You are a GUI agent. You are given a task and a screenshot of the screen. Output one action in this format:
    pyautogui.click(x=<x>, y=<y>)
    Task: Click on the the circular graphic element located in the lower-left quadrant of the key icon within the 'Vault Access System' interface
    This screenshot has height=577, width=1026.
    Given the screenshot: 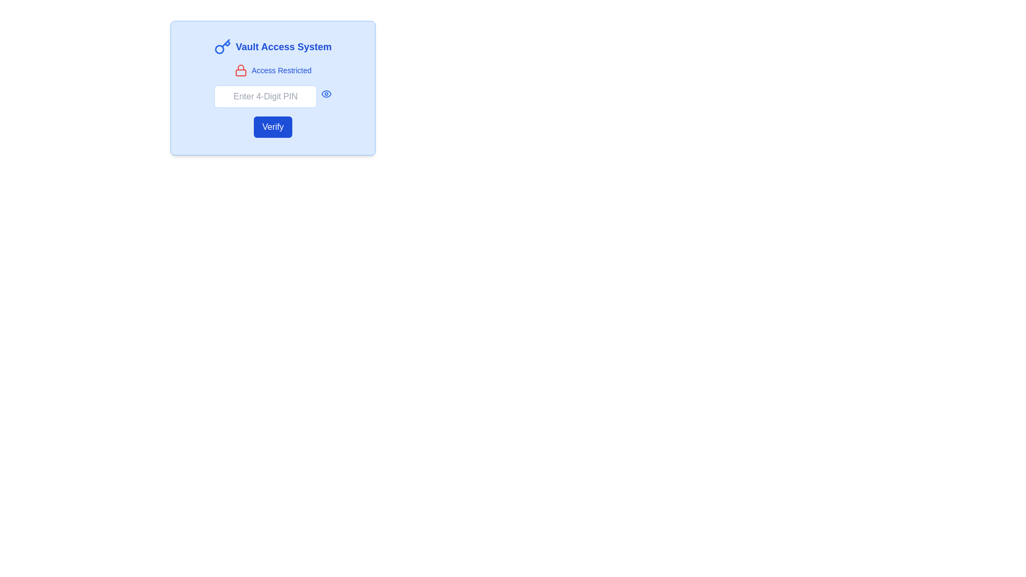 What is the action you would take?
    pyautogui.click(x=219, y=49)
    